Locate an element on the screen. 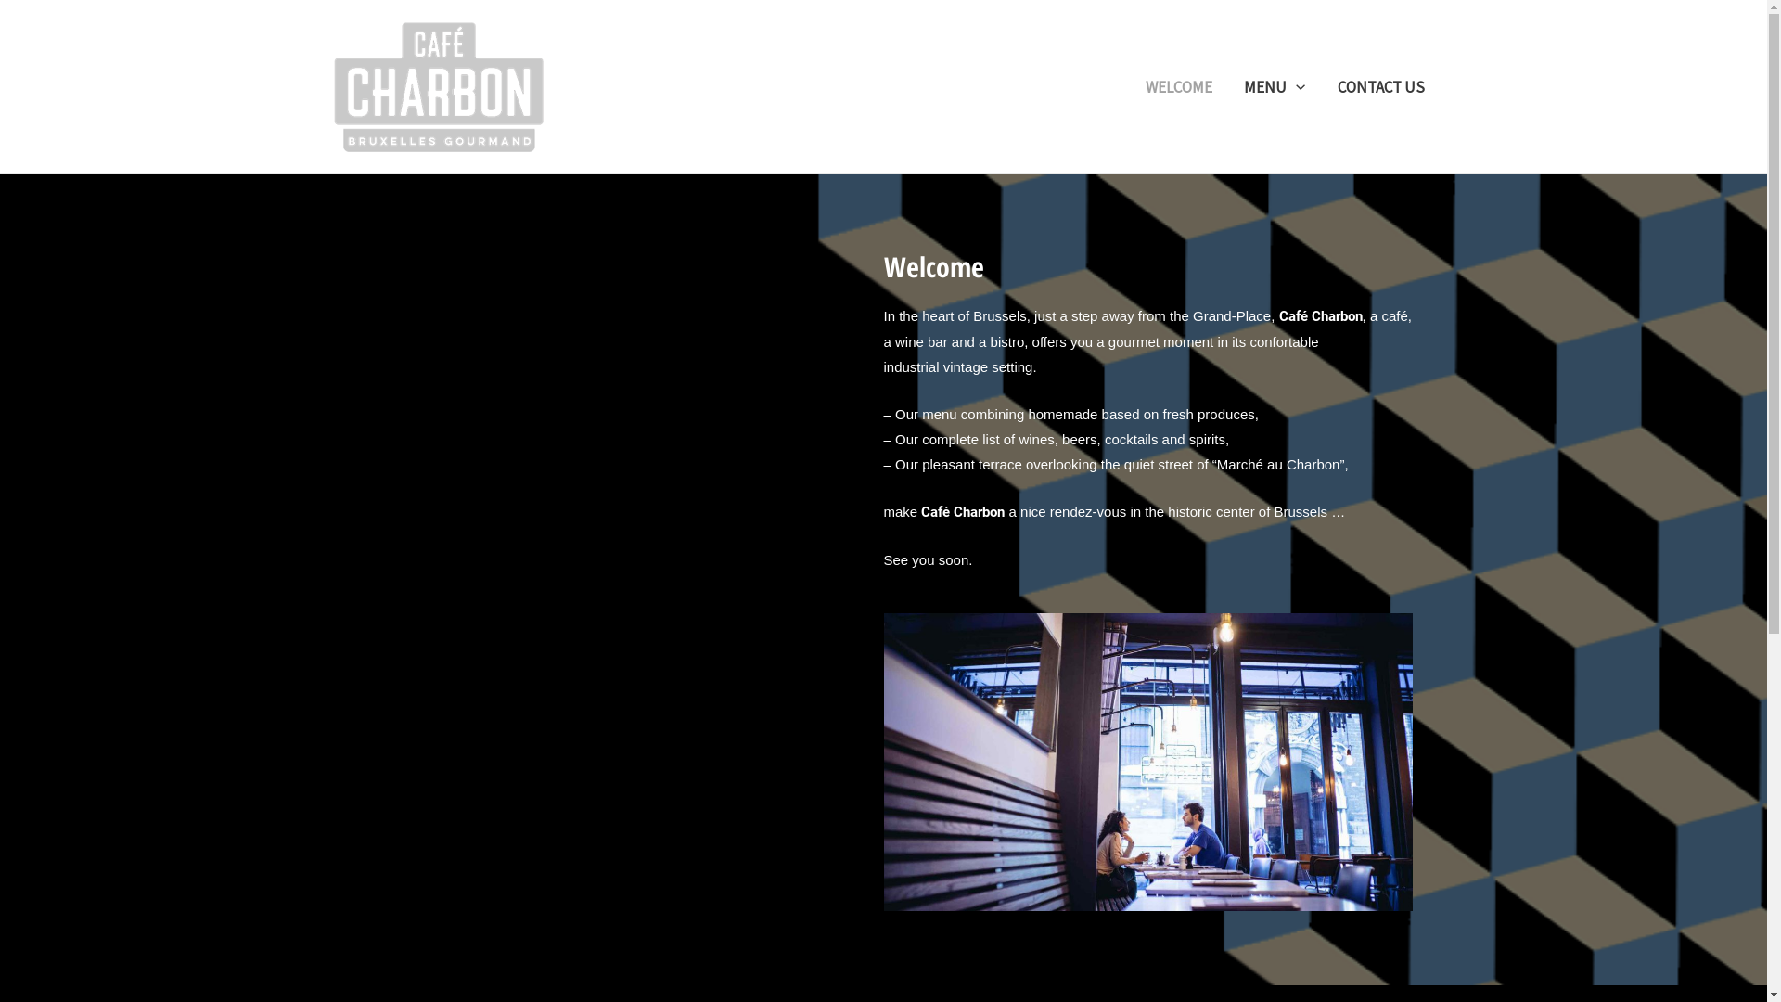 The height and width of the screenshot is (1002, 1781). 'CONTACT US' is located at coordinates (1380, 85).